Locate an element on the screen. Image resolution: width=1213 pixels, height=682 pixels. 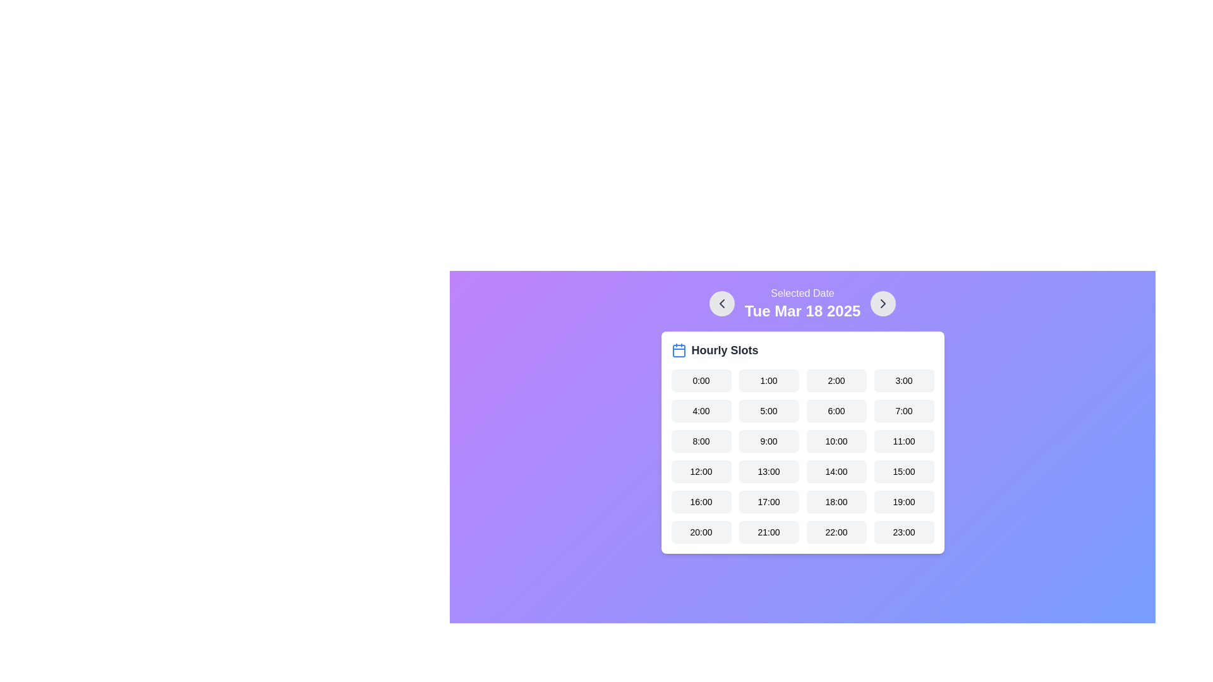
the button labeled '22:00', which is a rectangular button with rounded corners located in the sixth position of the grid under the 'Hourly Slots' heading is located at coordinates (836, 532).